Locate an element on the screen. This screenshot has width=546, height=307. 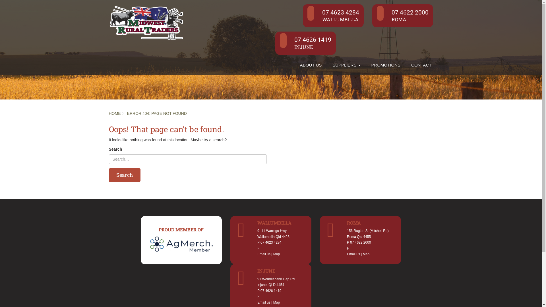
'PROMOTIONS' is located at coordinates (366, 65).